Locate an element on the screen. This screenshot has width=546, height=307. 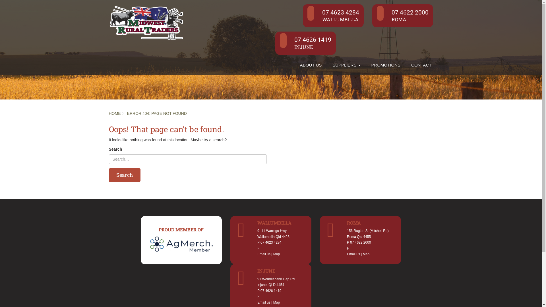
'PROMOTIONS' is located at coordinates (366, 65).